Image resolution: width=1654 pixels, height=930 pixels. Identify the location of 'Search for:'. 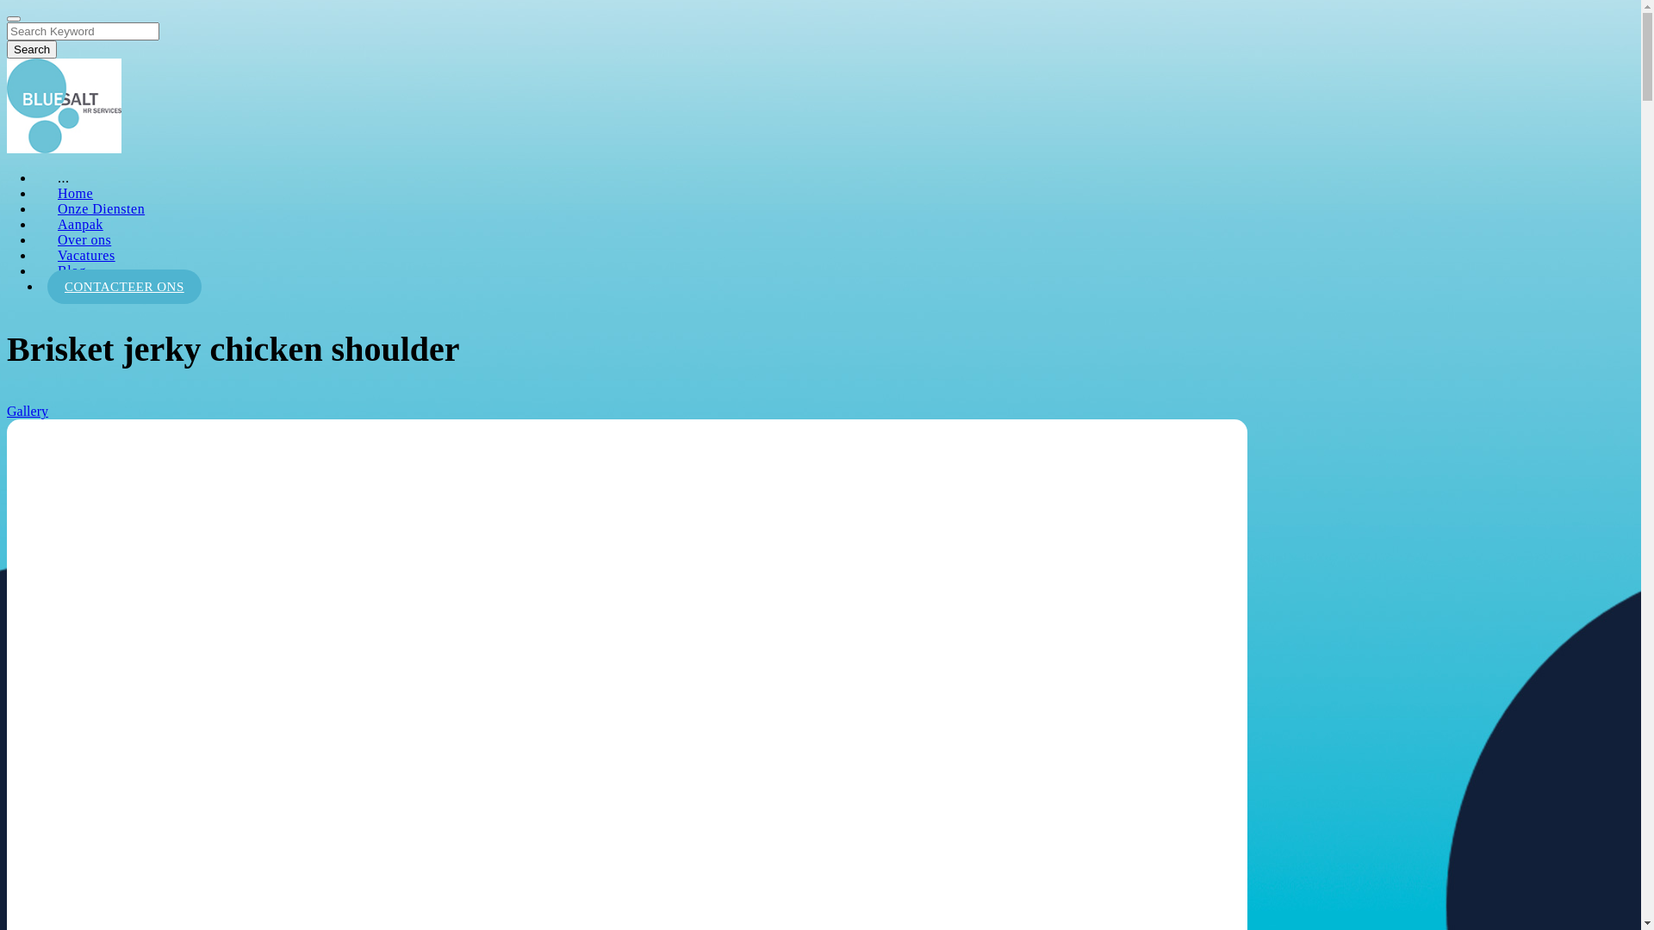
(82, 31).